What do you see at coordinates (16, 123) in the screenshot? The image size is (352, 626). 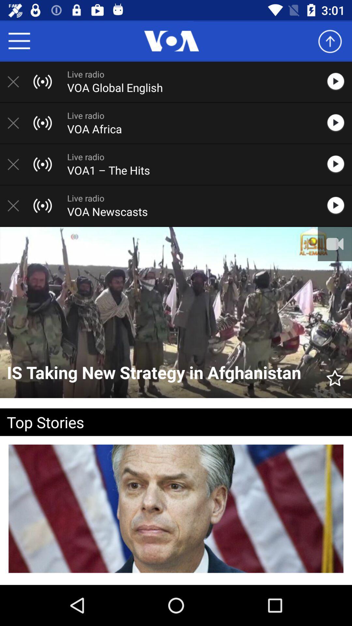 I see `the close icon` at bounding box center [16, 123].